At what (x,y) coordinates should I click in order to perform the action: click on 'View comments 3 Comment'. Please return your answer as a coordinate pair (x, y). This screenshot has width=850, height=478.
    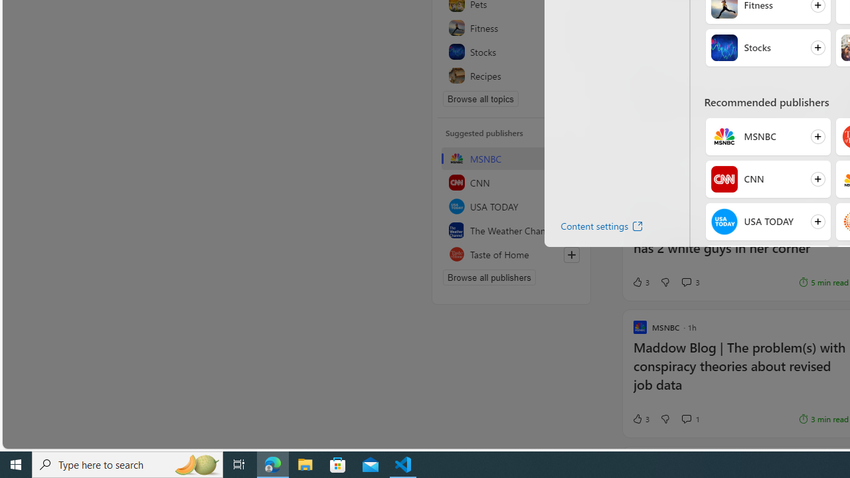
    Looking at the image, I should click on (691, 281).